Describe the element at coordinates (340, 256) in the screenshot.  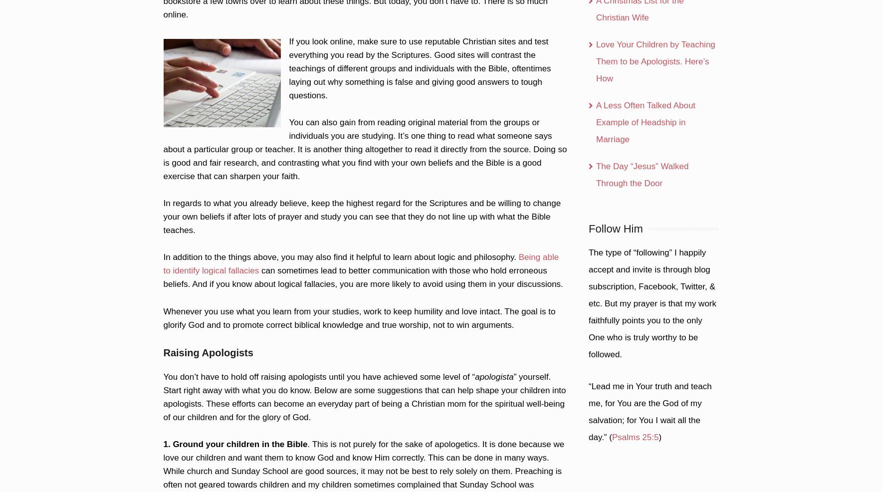
I see `'In addition to the things above, you may also find it helpful to learn about logic and philosophy.'` at that location.